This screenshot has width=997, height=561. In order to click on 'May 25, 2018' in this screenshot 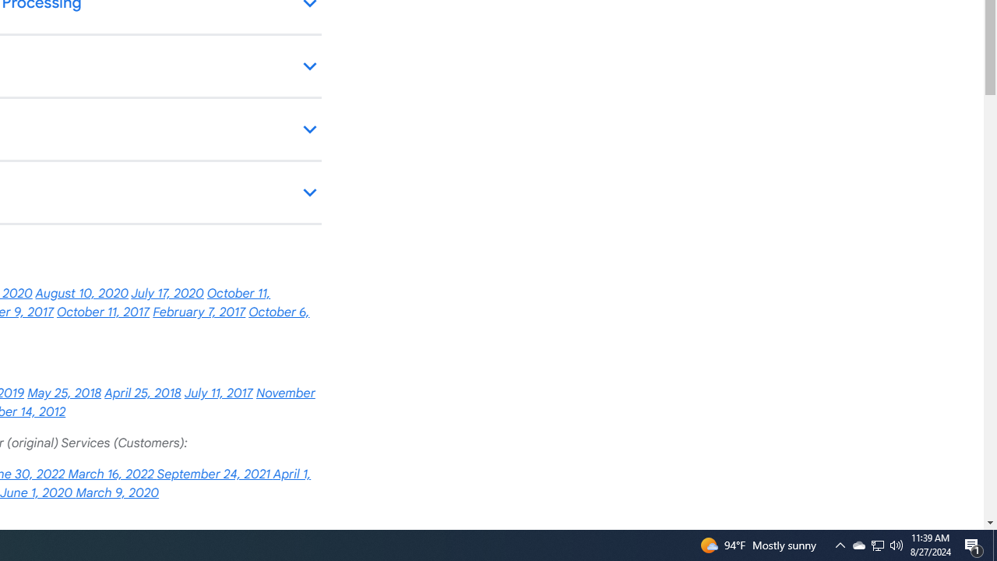, I will do `click(63, 393)`.